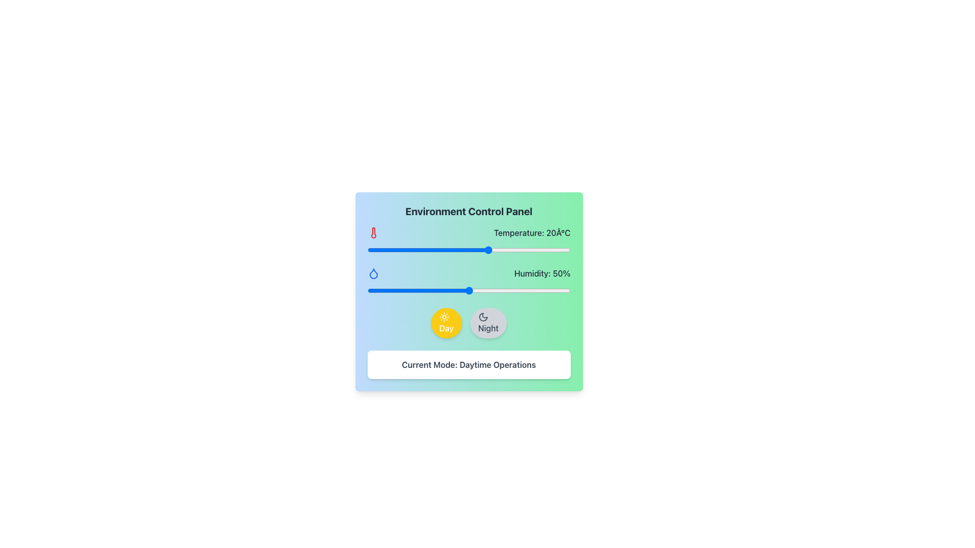 The height and width of the screenshot is (548, 975). I want to click on the crescent moon icon within the gray circular button labeled 'Night', so click(482, 316).